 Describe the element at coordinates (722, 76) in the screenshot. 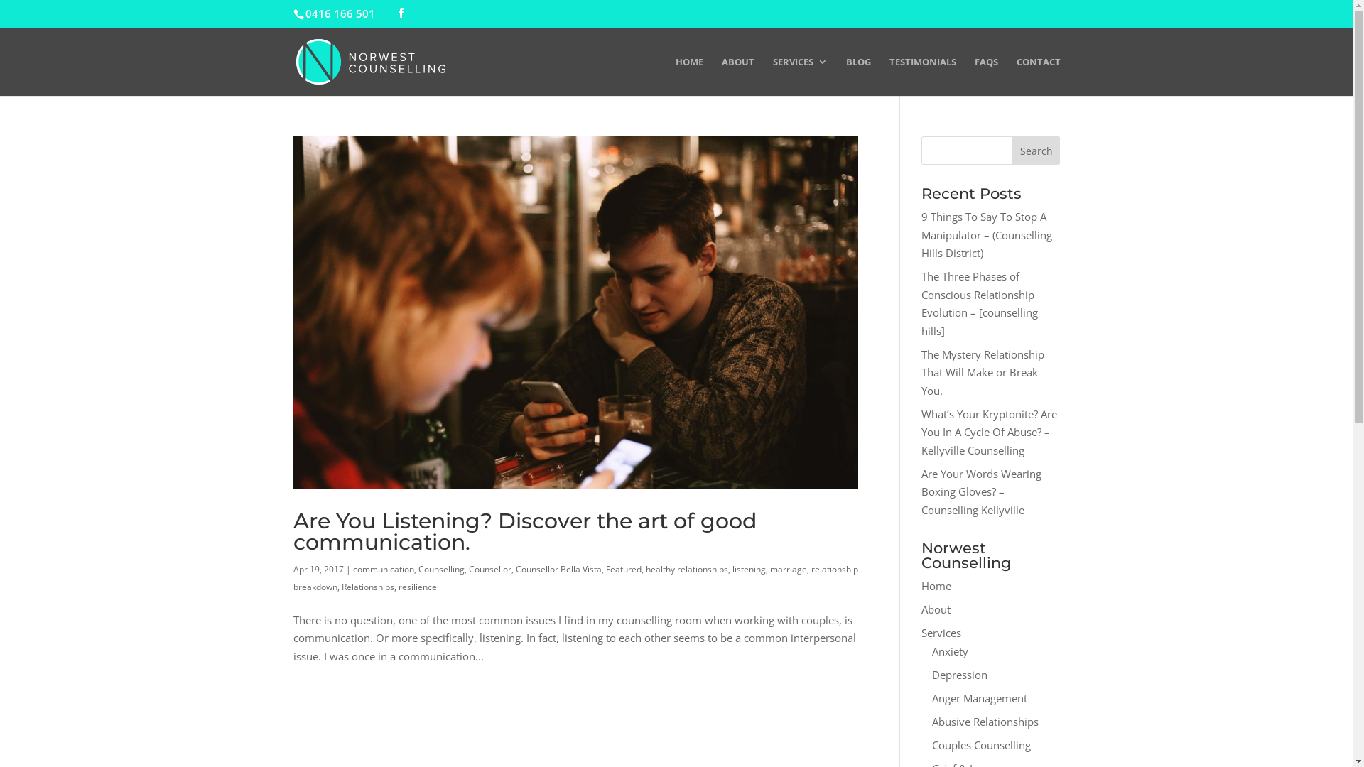

I see `'ABOUT'` at that location.